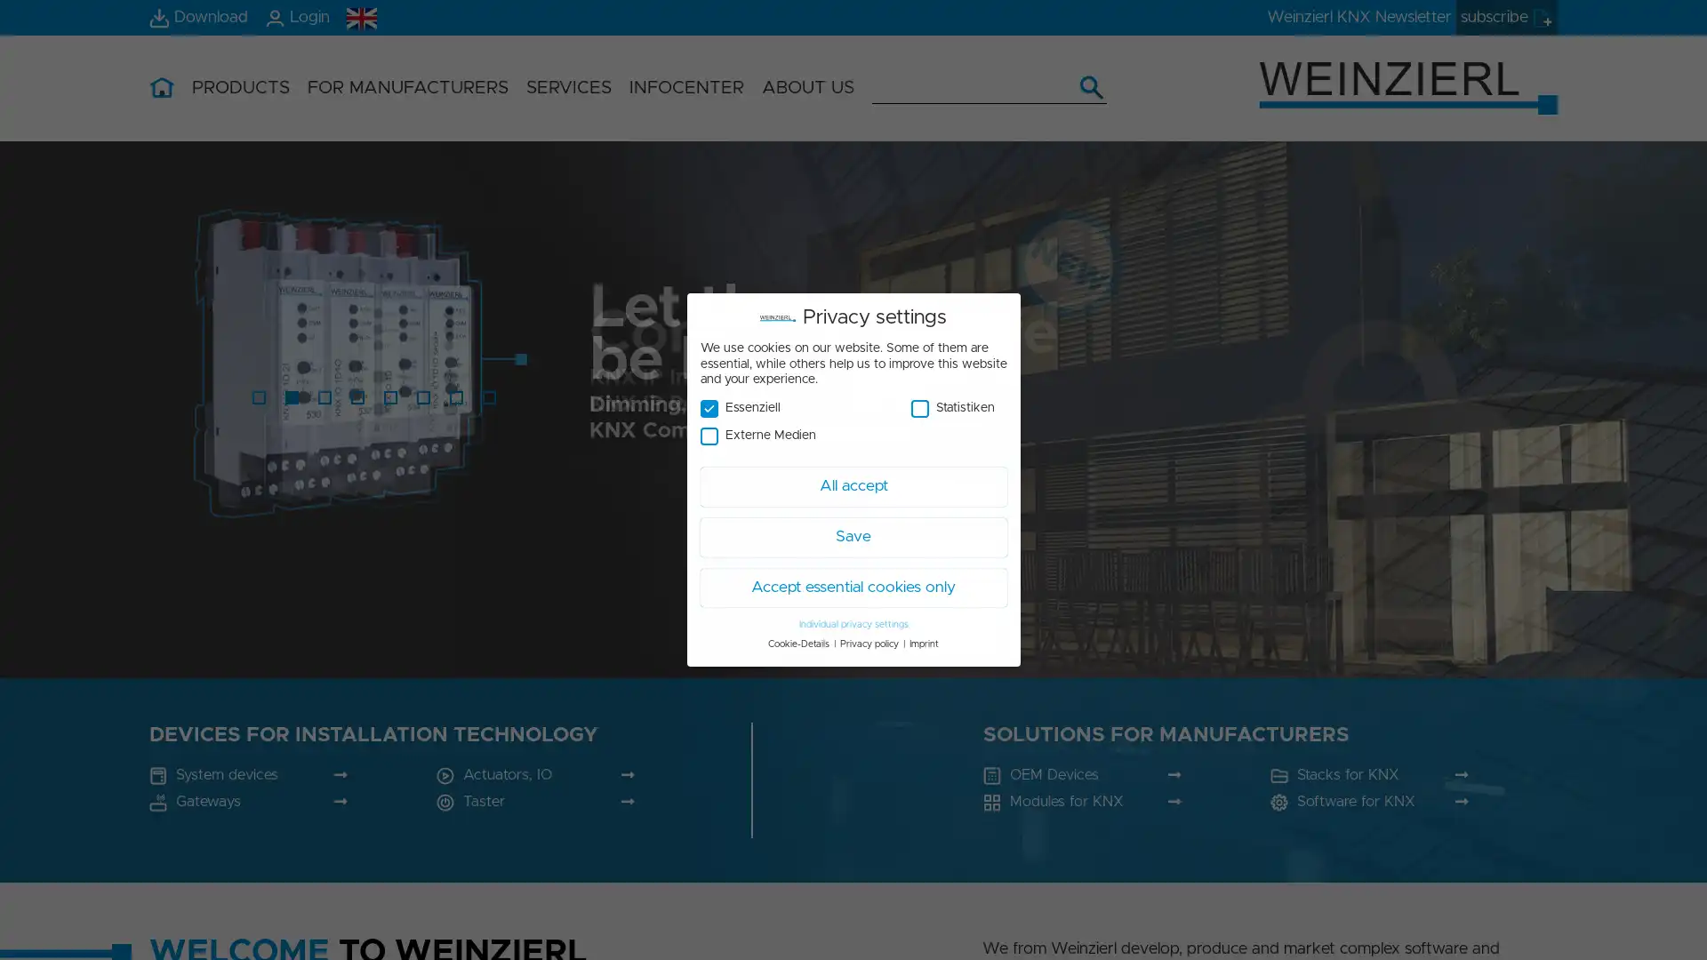 This screenshot has height=960, width=1707. What do you see at coordinates (951, 808) in the screenshot?
I see `Accept essential cookies only` at bounding box center [951, 808].